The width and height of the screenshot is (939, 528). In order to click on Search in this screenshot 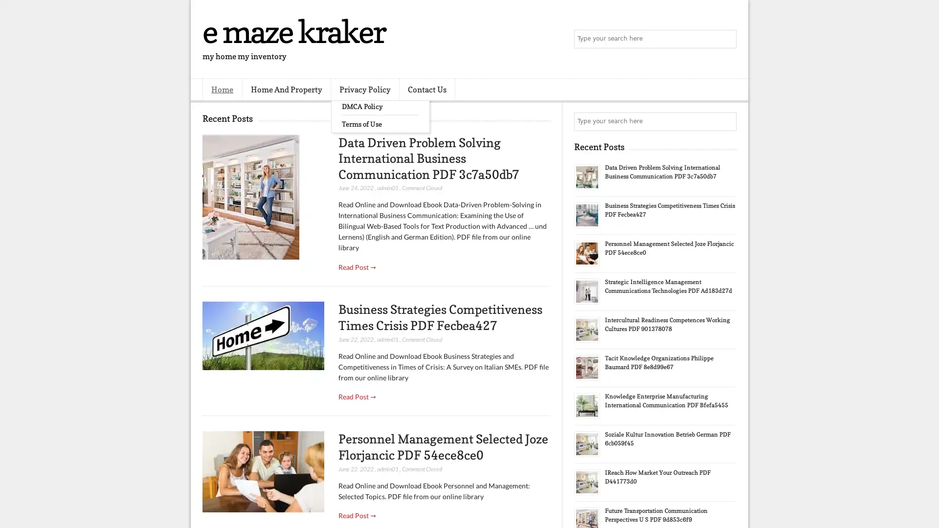, I will do `click(726, 39)`.